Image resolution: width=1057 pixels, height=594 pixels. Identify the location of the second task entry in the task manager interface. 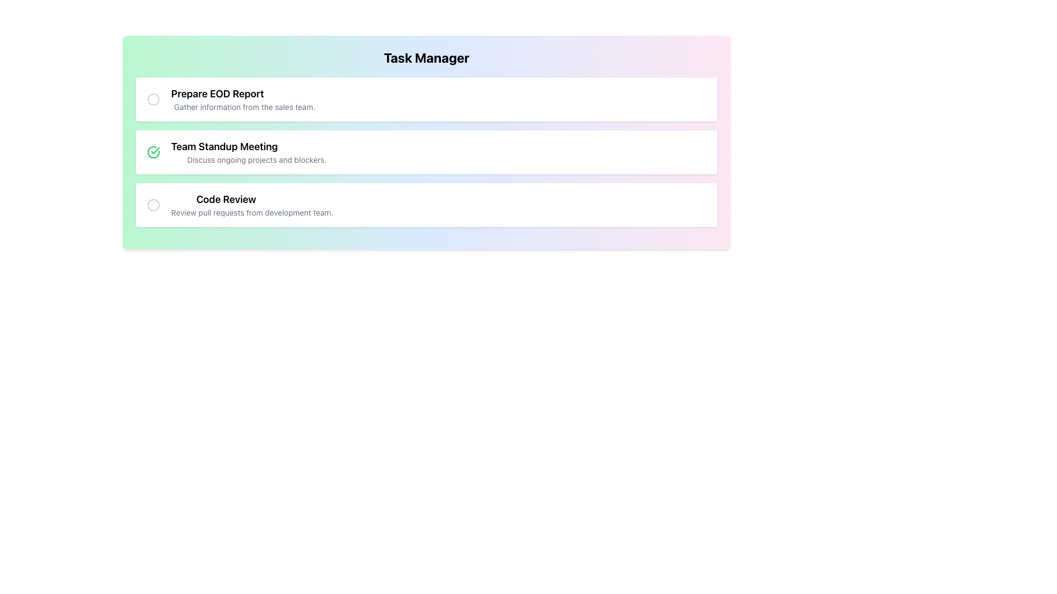
(243, 152).